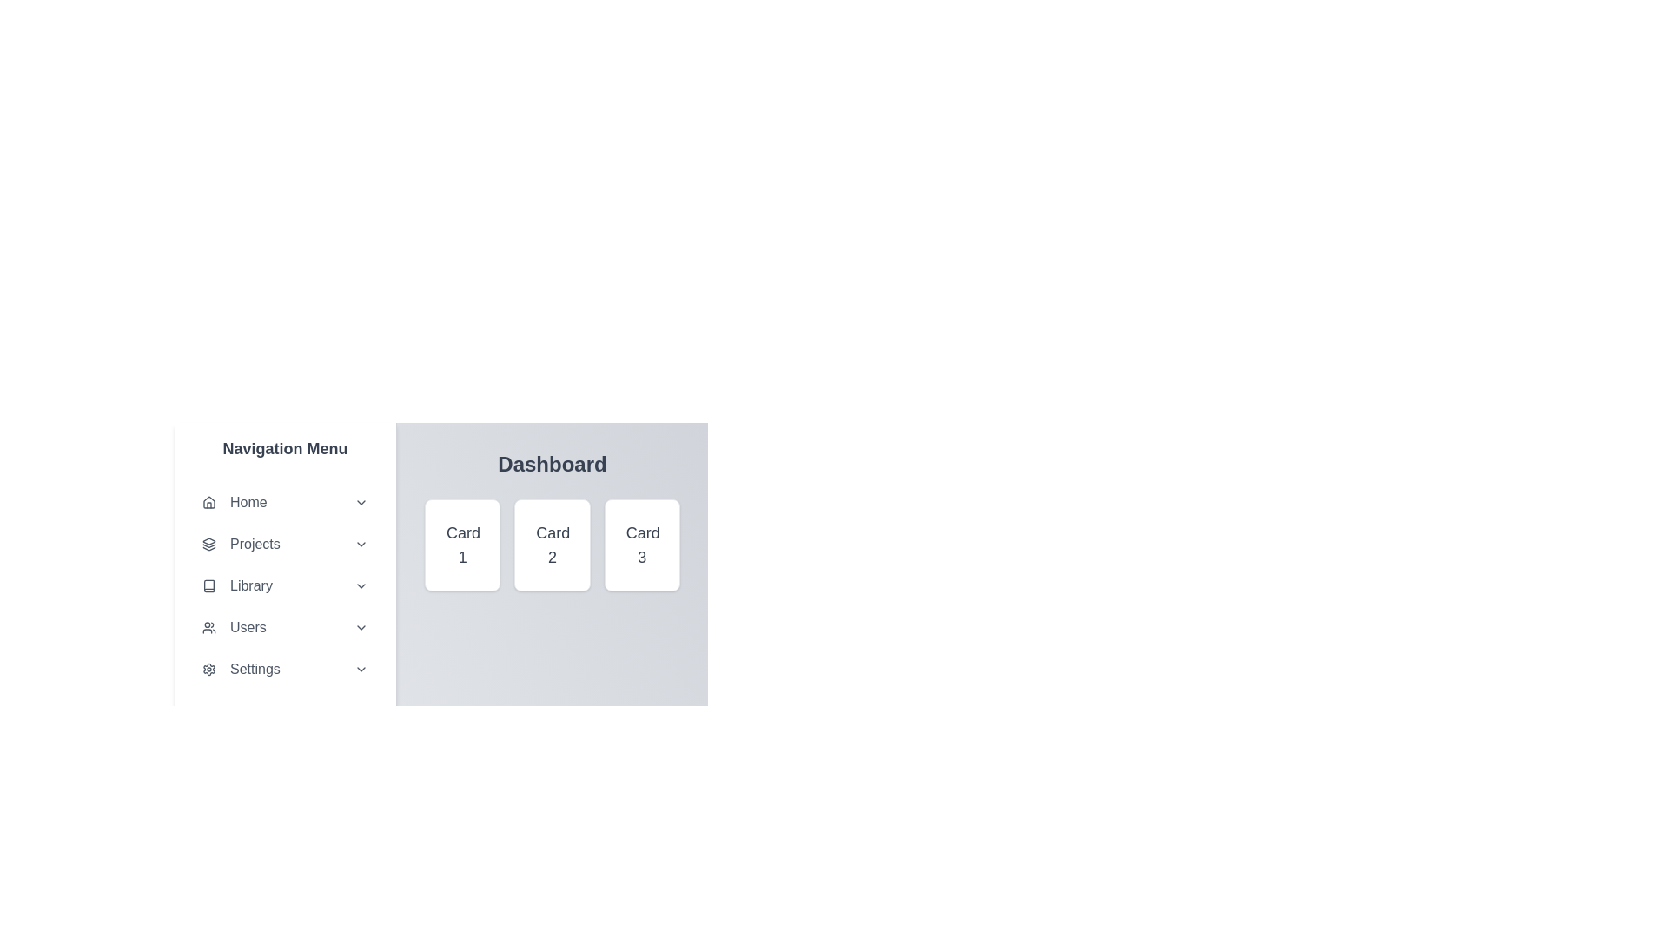 The width and height of the screenshot is (1668, 938). Describe the element at coordinates (208, 627) in the screenshot. I see `the SVG icon element that represents the 'Users' navigation item in the left-side vertical menu` at that location.